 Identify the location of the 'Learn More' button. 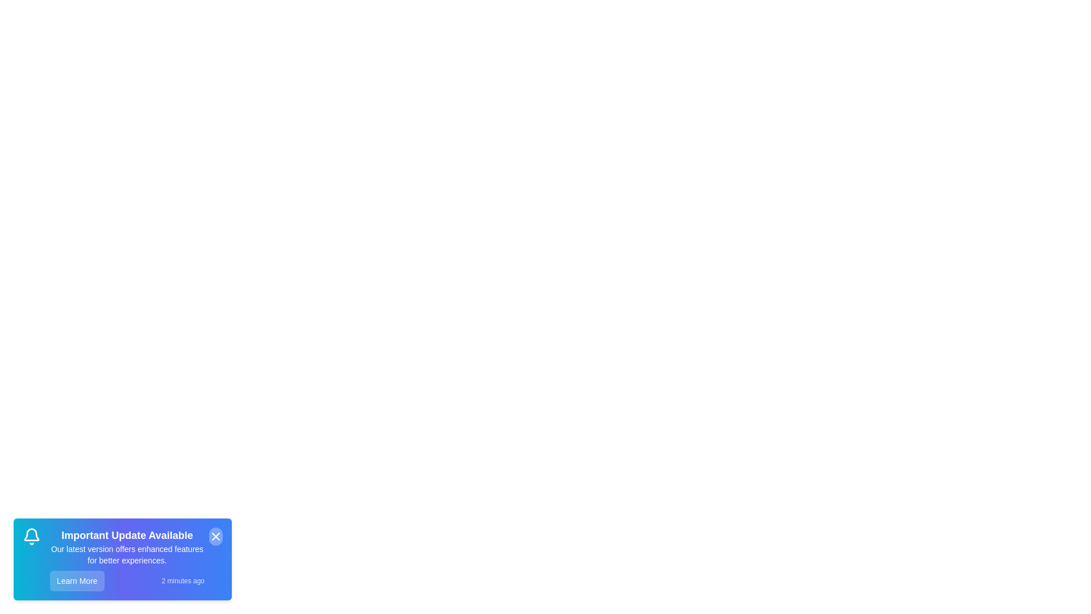
(76, 581).